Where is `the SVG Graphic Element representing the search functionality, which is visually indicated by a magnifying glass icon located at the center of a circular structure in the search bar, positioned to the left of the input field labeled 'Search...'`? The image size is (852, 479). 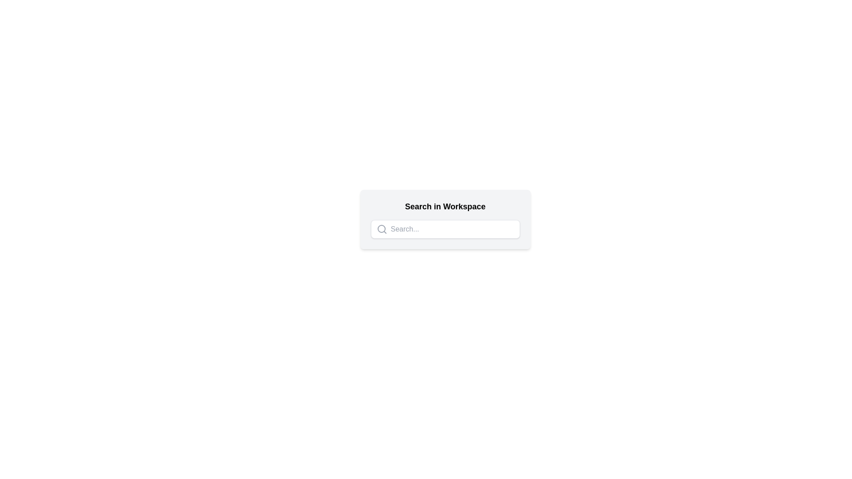
the SVG Graphic Element representing the search functionality, which is visually indicated by a magnifying glass icon located at the center of a circular structure in the search bar, positioned to the left of the input field labeled 'Search...' is located at coordinates (381, 228).